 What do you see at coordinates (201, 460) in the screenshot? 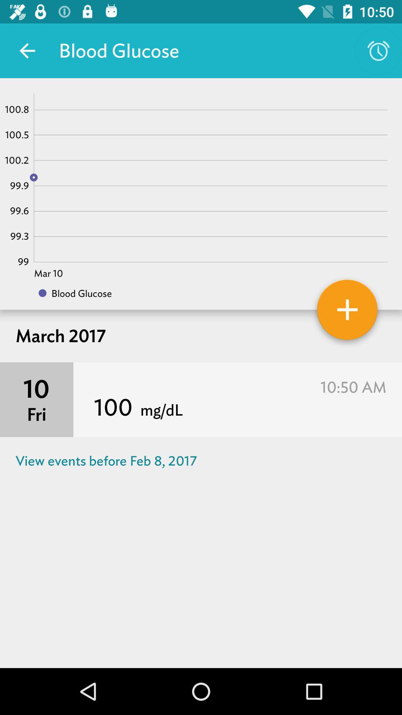
I see `view events before item` at bounding box center [201, 460].